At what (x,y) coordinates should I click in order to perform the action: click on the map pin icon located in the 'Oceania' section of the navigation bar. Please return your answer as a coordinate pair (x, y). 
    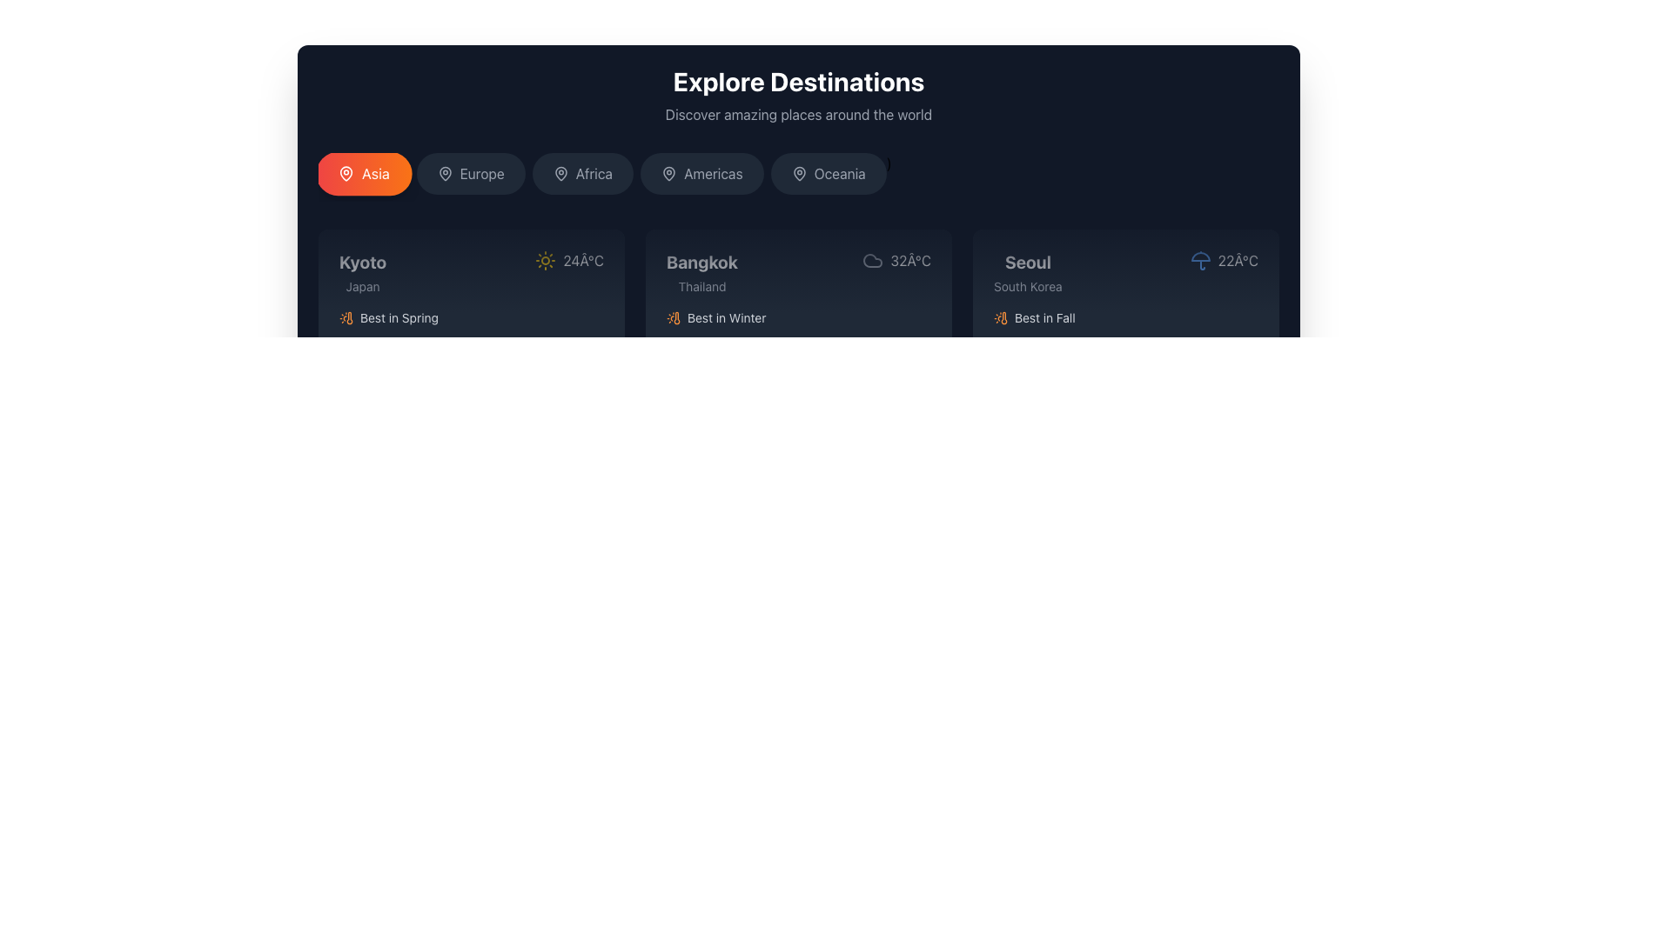
    Looking at the image, I should click on (798, 174).